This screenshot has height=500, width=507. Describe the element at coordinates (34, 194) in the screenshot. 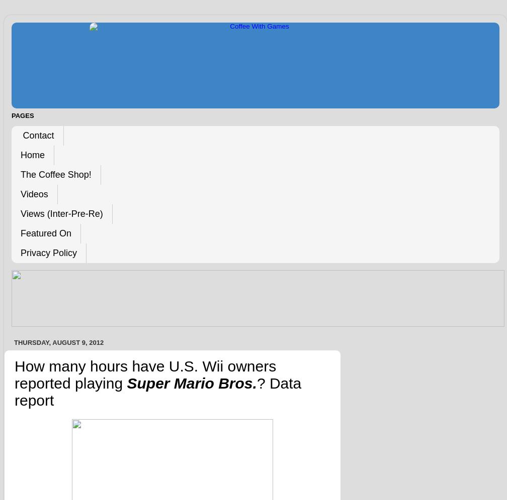

I see `'Videos'` at that location.